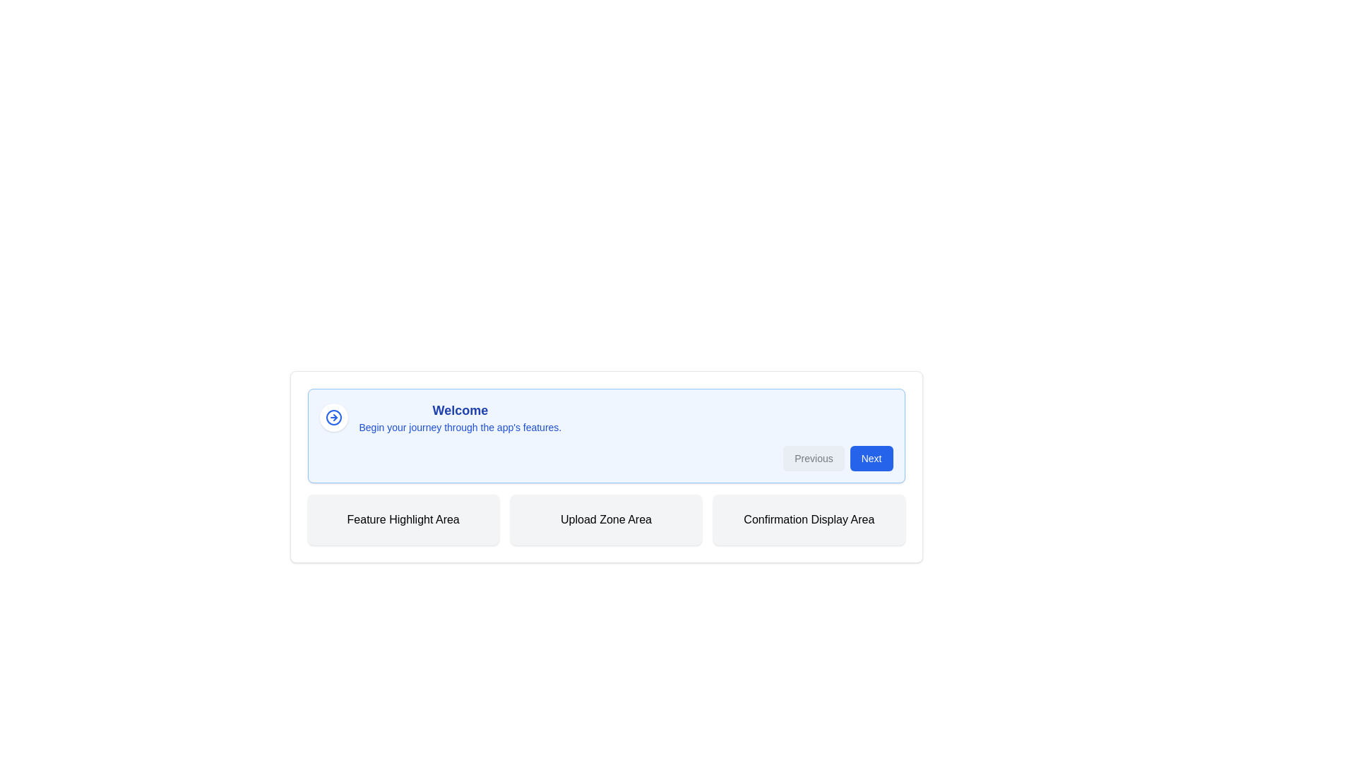  I want to click on the introductory text displayed prominently with 'Welcome' in a larger bold blue font, so click(460, 416).